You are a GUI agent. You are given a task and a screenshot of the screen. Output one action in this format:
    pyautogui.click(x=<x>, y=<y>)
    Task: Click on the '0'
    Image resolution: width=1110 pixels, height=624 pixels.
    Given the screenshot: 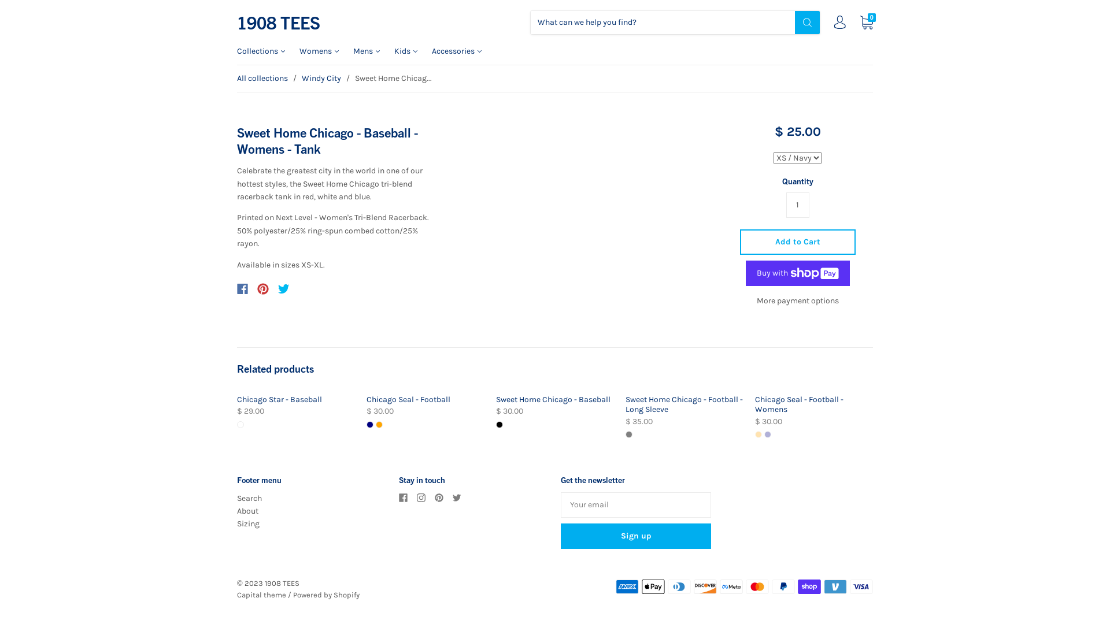 What is the action you would take?
    pyautogui.click(x=866, y=22)
    